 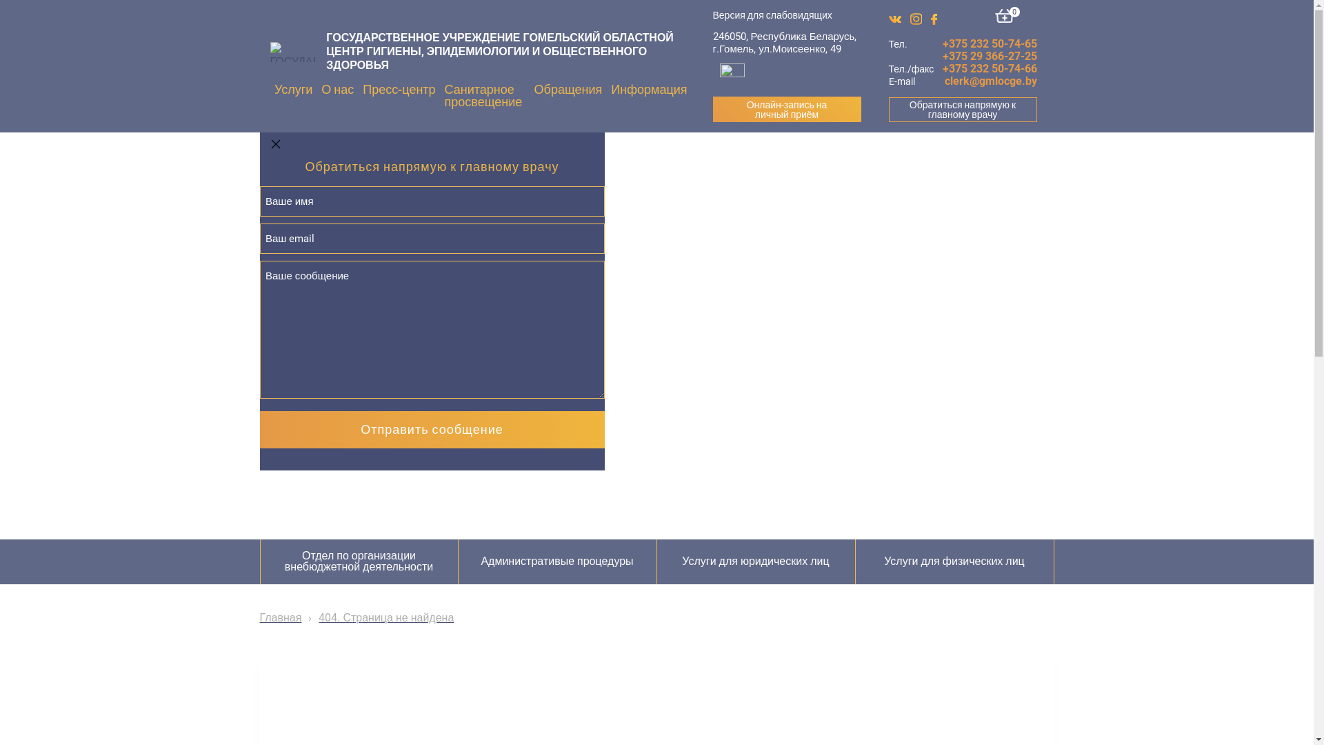 I want to click on '0', so click(x=995, y=16).